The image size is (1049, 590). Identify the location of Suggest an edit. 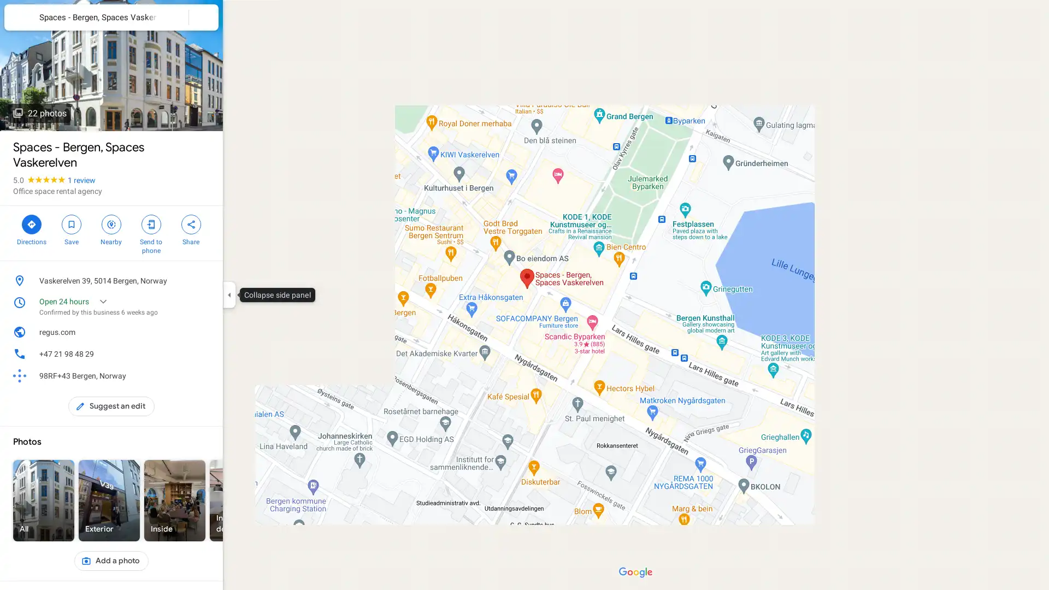
(111, 406).